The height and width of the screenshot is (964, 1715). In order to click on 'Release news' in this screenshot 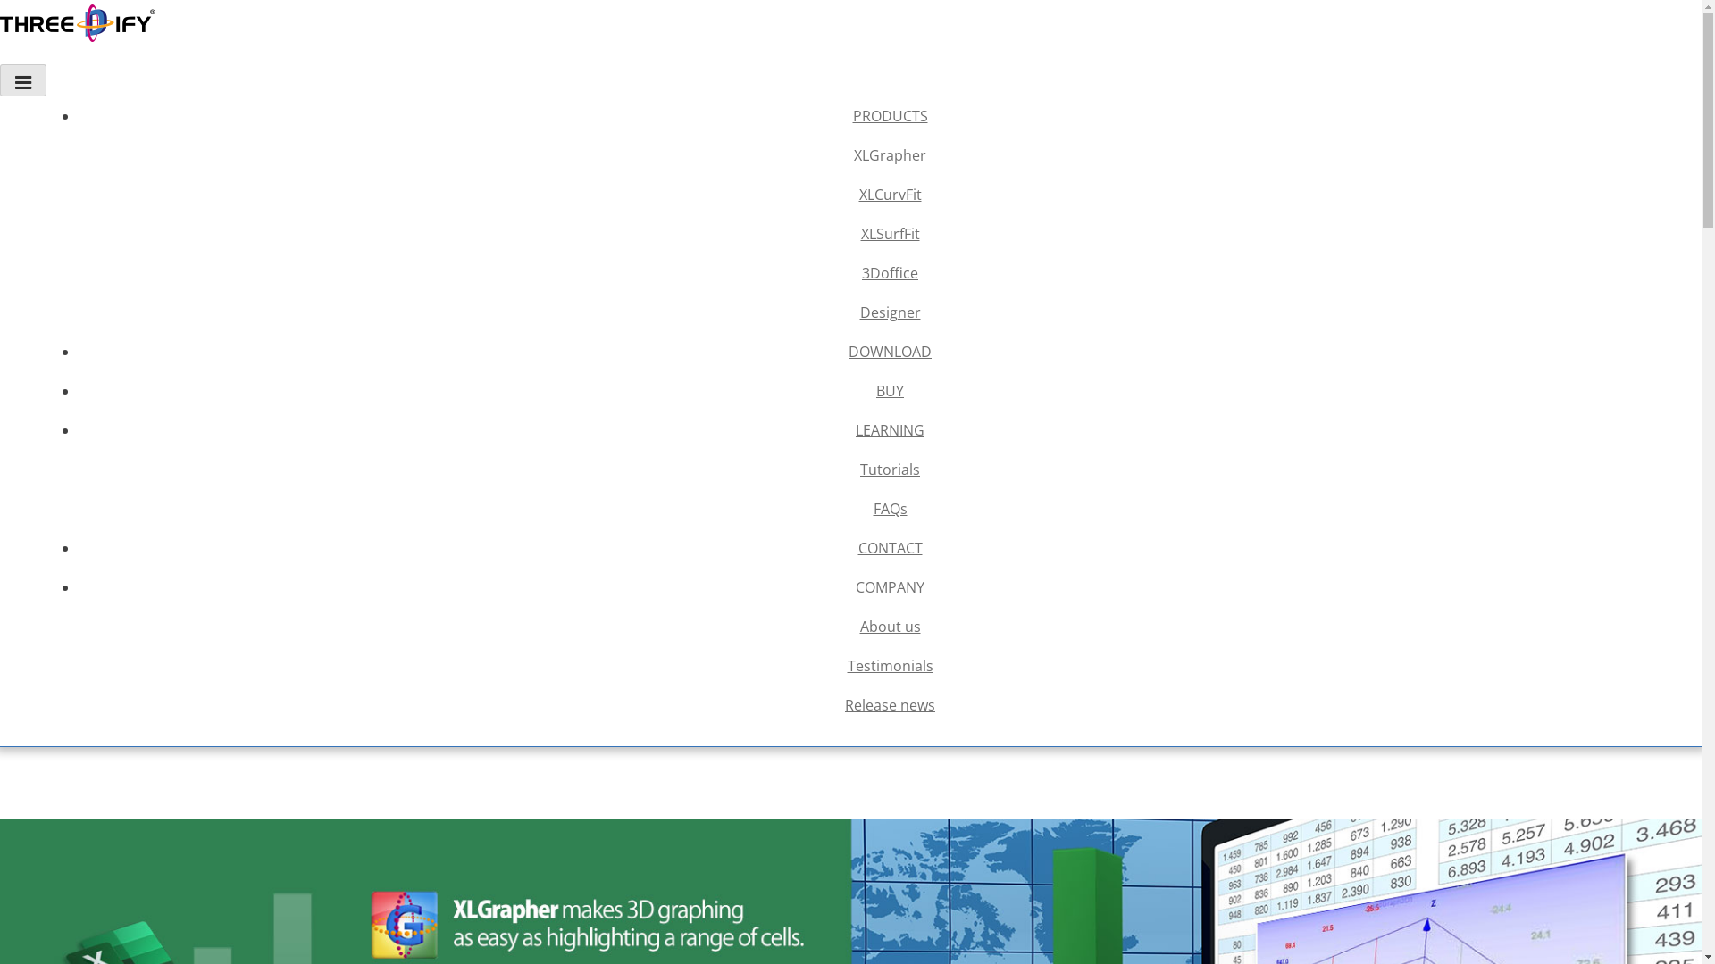, I will do `click(890, 704)`.